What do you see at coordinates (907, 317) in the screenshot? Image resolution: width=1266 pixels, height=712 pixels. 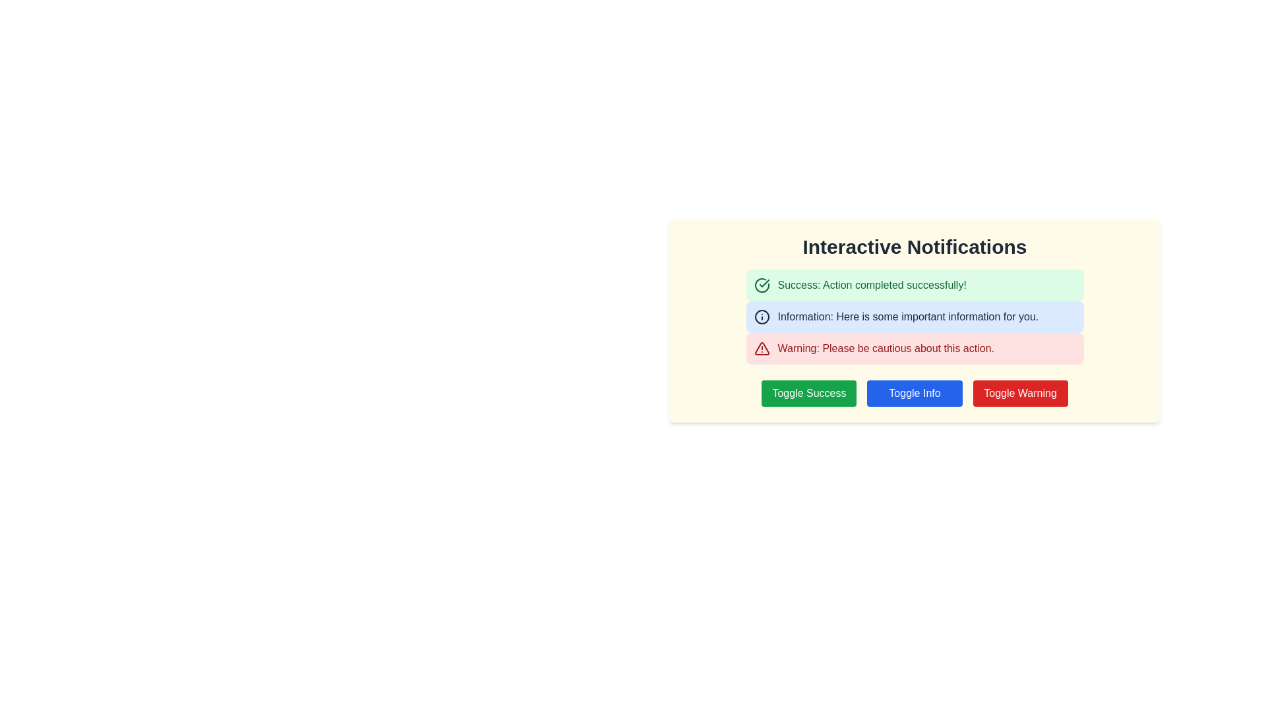 I see `the static text element displaying 'Information: Here is some important information for you.' within the informational notification bar, which has a light blue background and rounded borders` at bounding box center [907, 317].